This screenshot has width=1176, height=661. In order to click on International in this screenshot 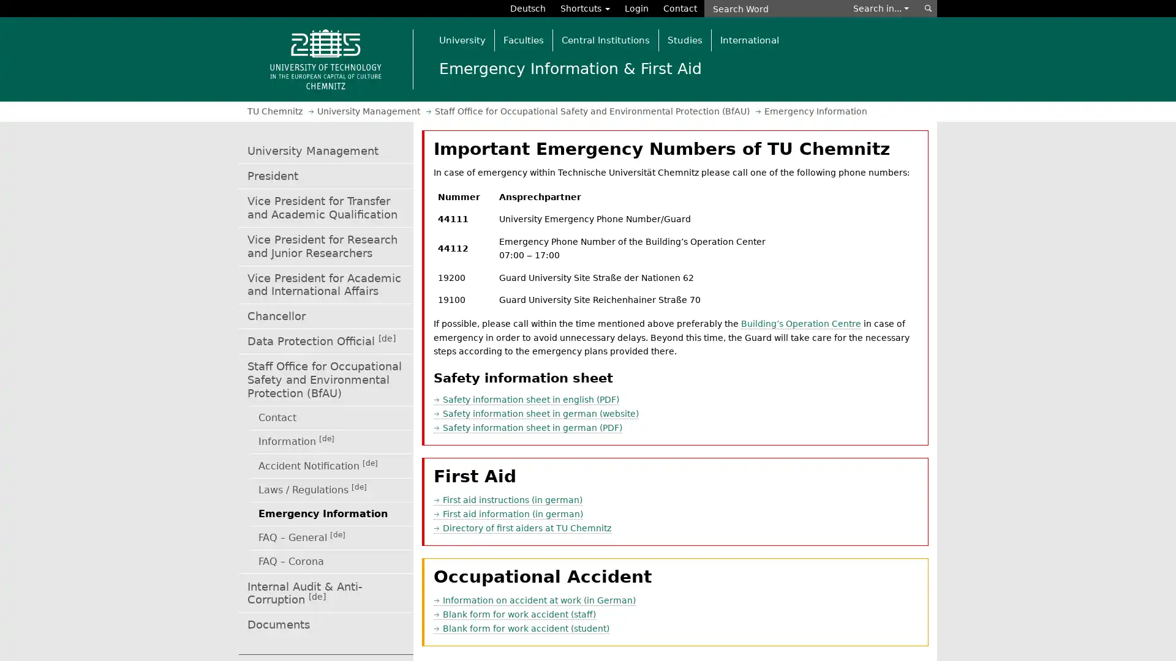, I will do `click(748, 39)`.